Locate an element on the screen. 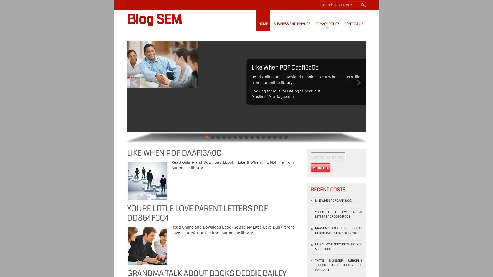 The width and height of the screenshot is (493, 277). Search is located at coordinates (320, 168).